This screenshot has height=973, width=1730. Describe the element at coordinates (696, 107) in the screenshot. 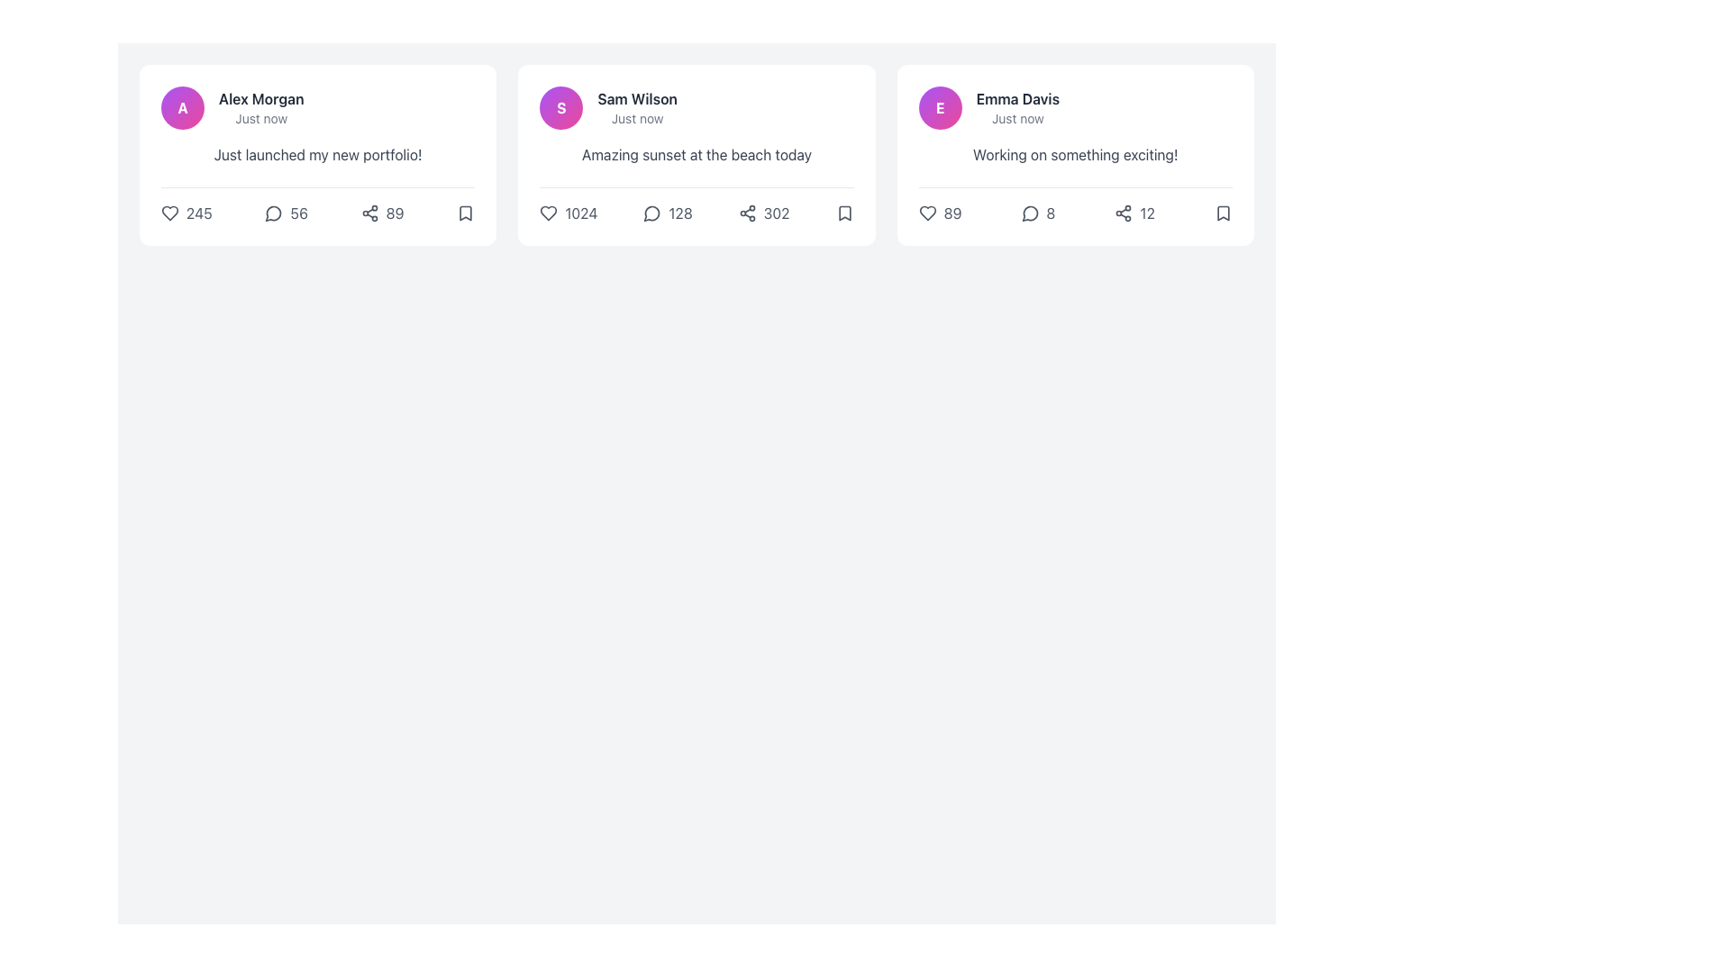

I see `the user's name or avatar in the User profile display with timestamp located in the center card of a three-card layout` at that location.